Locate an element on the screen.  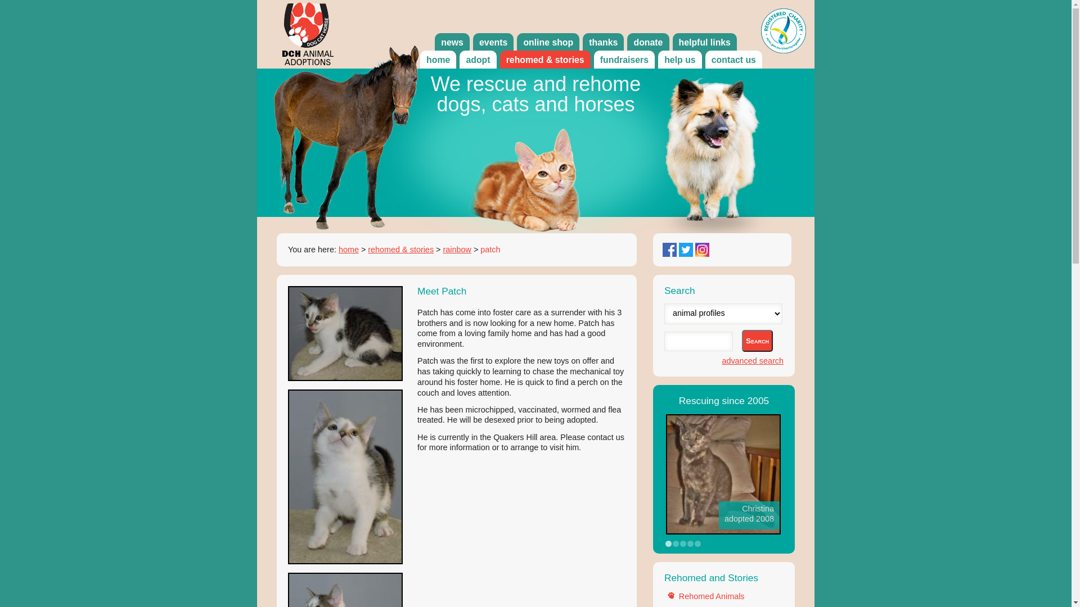
'Share your success story' is located at coordinates (723, 516).